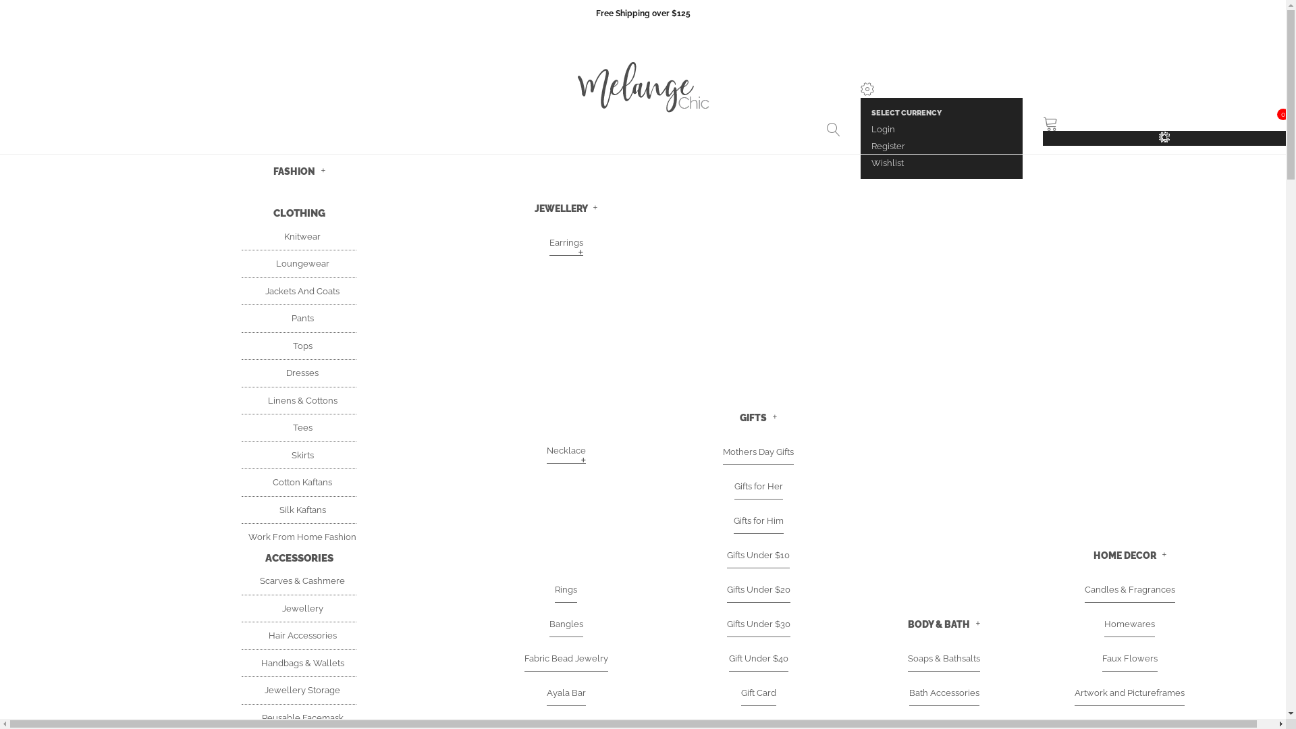 Image resolution: width=1296 pixels, height=729 pixels. What do you see at coordinates (298, 290) in the screenshot?
I see `'Jackets And Coats'` at bounding box center [298, 290].